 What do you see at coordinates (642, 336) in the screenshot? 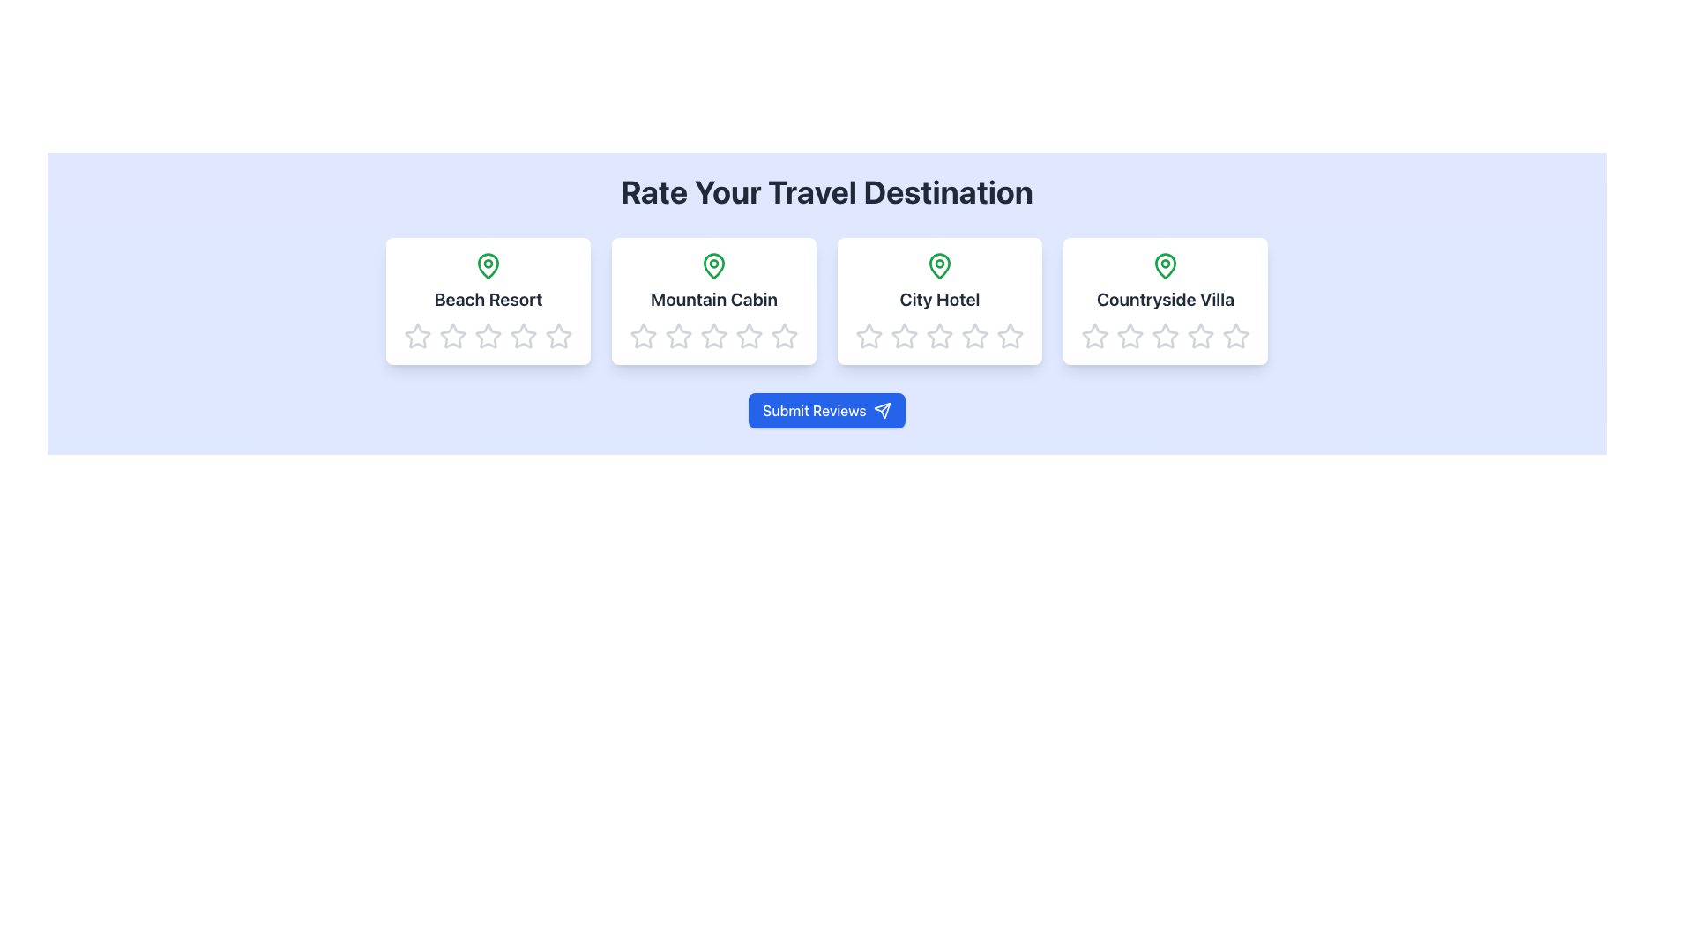
I see `the first interactive rating star icon in the 'Mountain Cabin' section` at bounding box center [642, 336].